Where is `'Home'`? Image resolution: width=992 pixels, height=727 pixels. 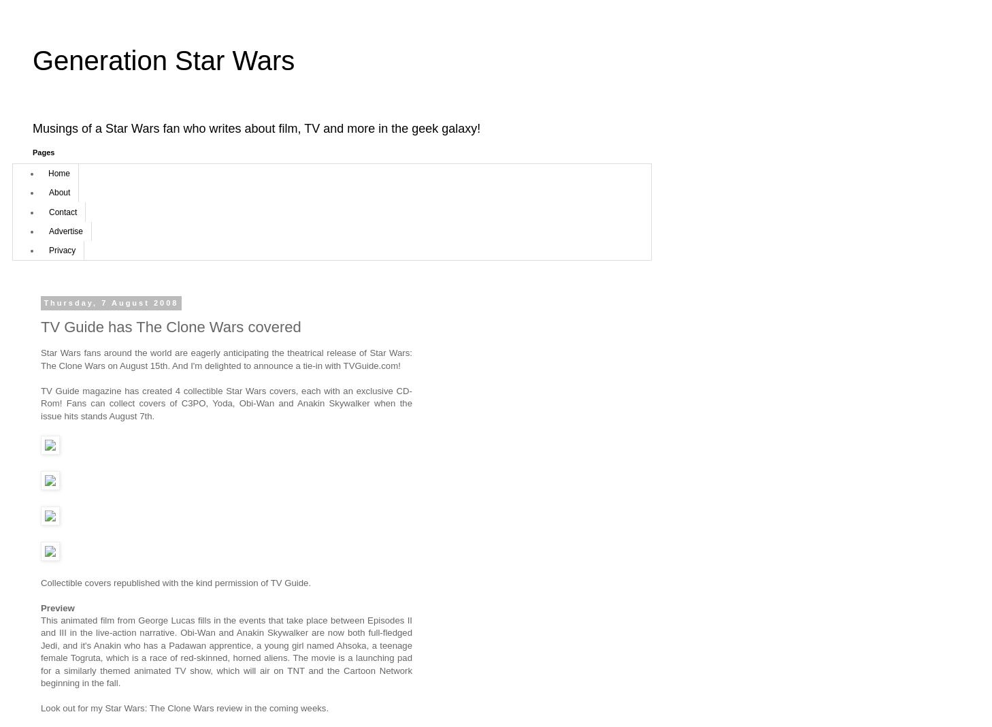 'Home' is located at coordinates (48, 172).